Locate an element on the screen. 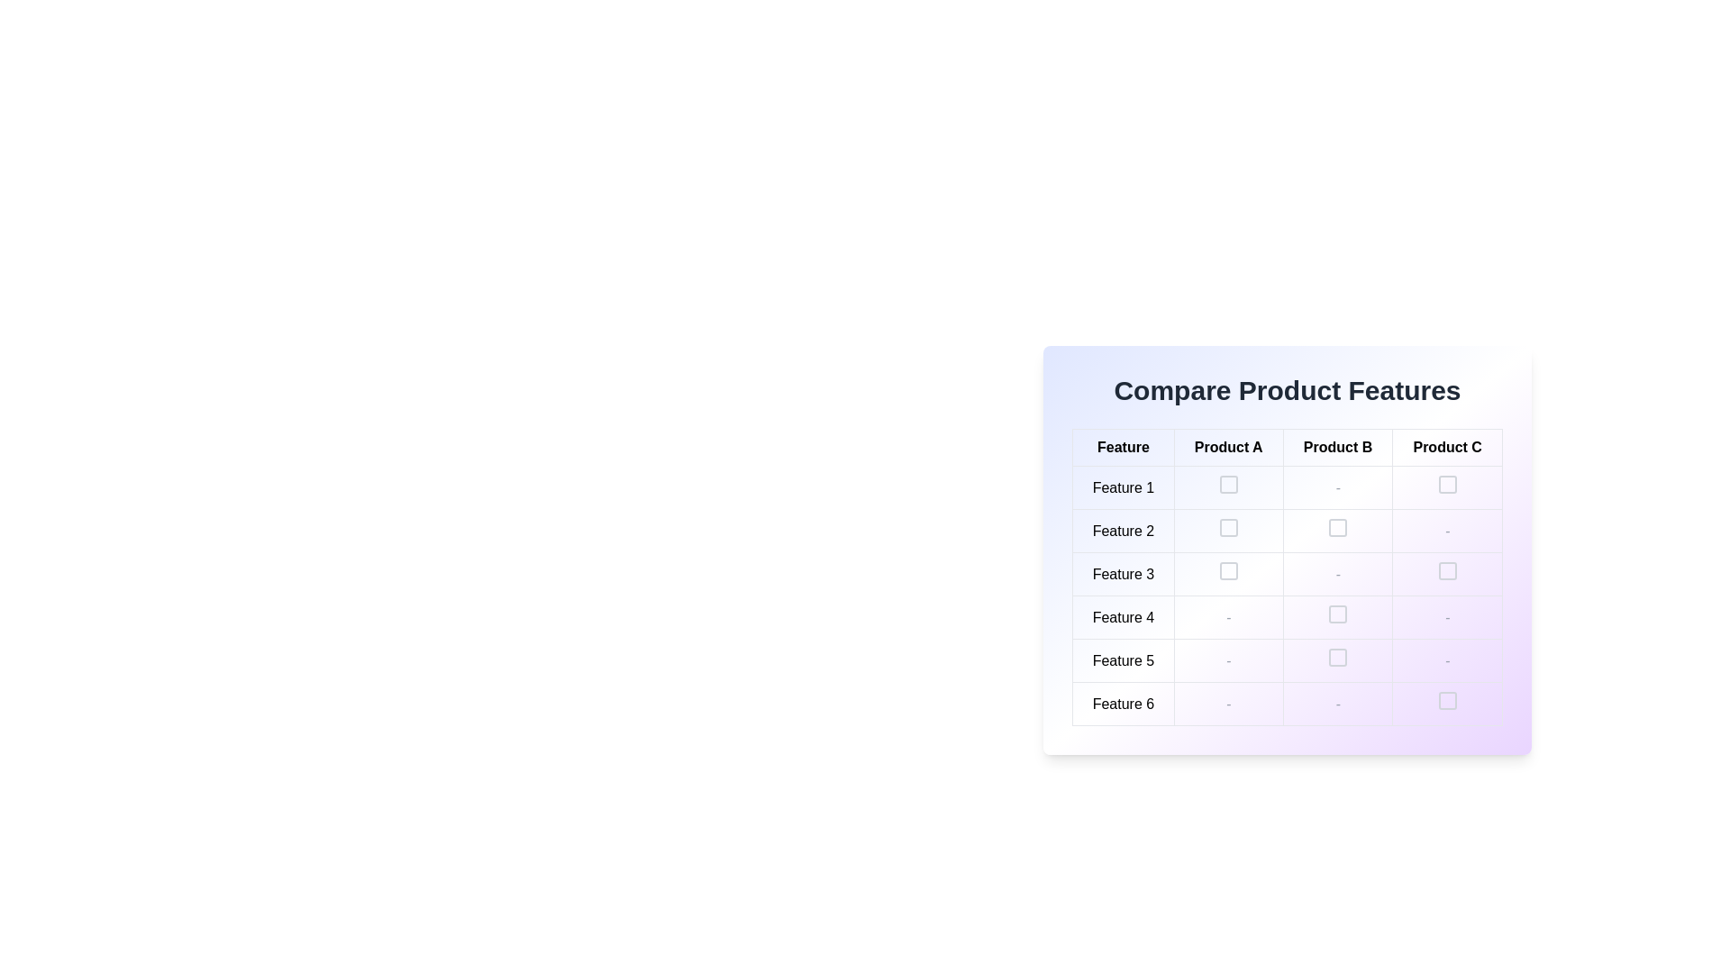  the checkbox located in the first row under the 'Product C' column of the 'Compare Product Features' table is located at coordinates (1447, 483).